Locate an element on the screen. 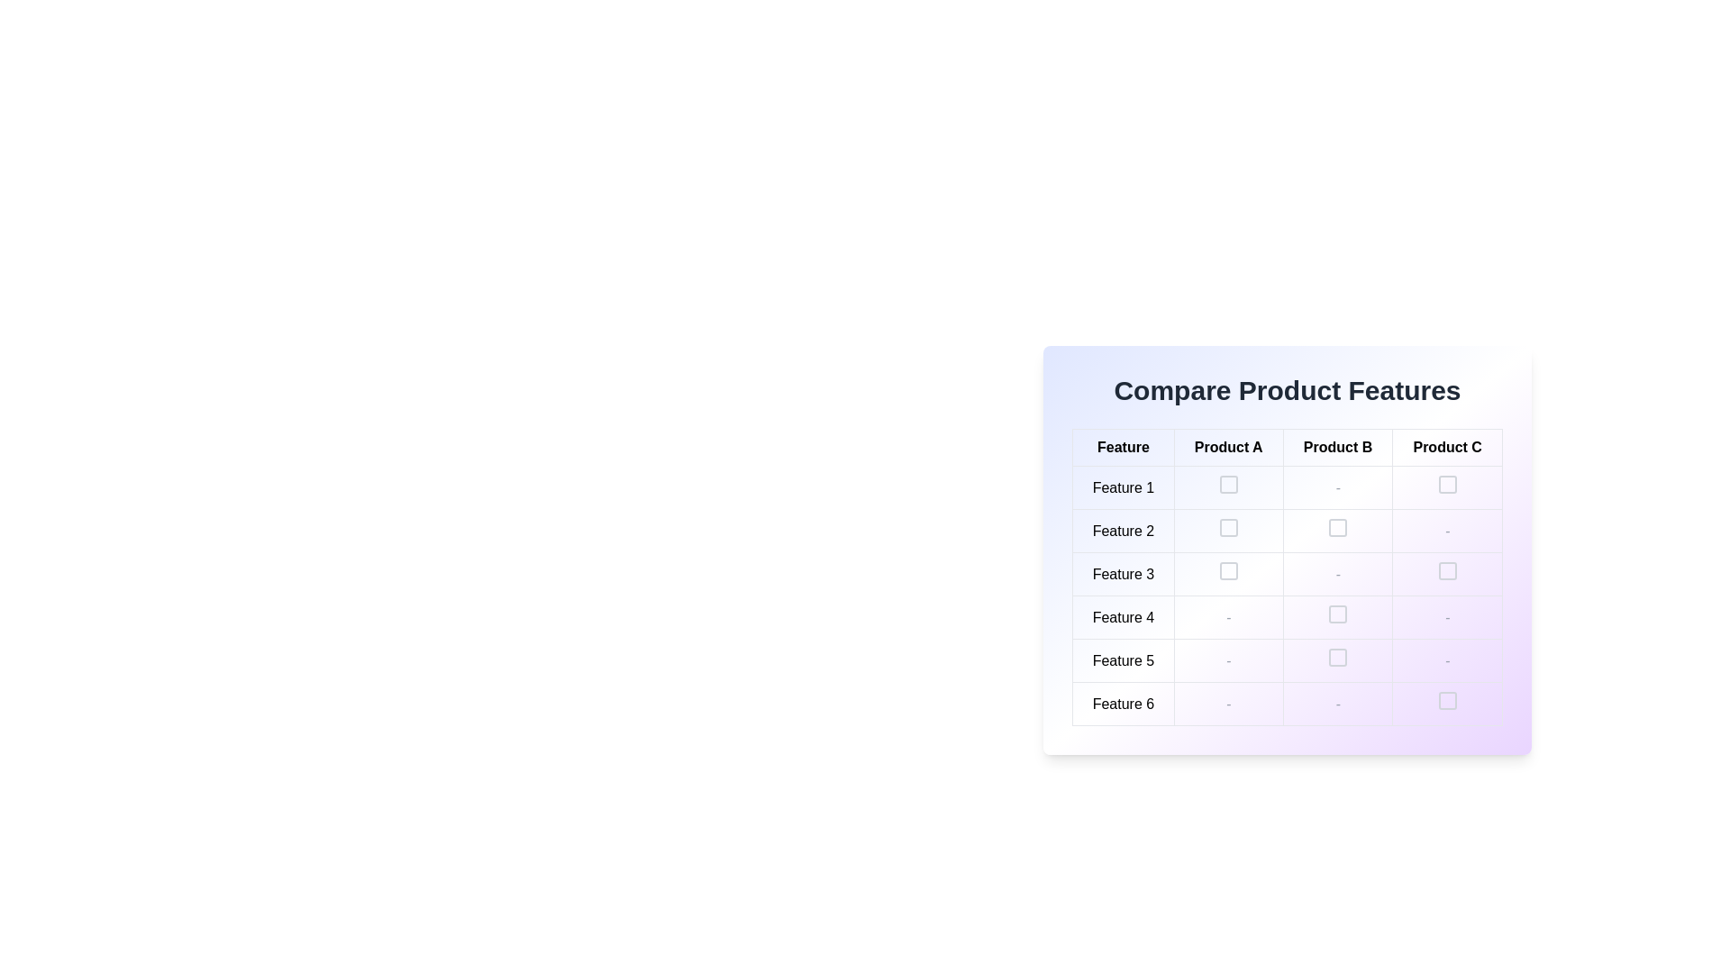  the checkbox located in the first row under the 'Product C' column of the 'Compare Product Features' table is located at coordinates (1447, 483).